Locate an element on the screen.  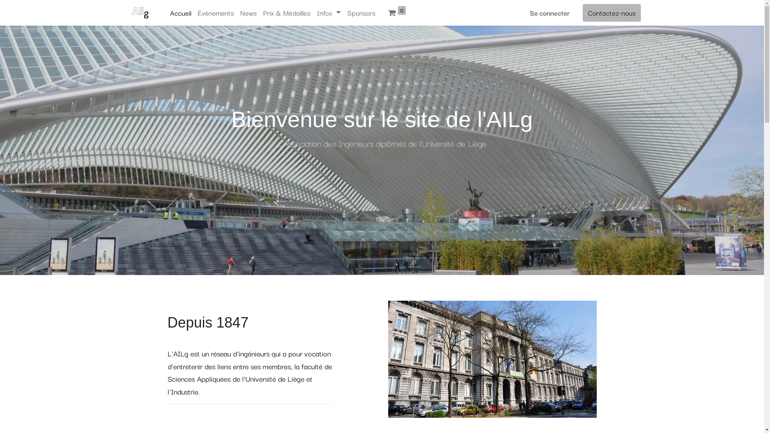
'Se connecter' is located at coordinates (549, 12).